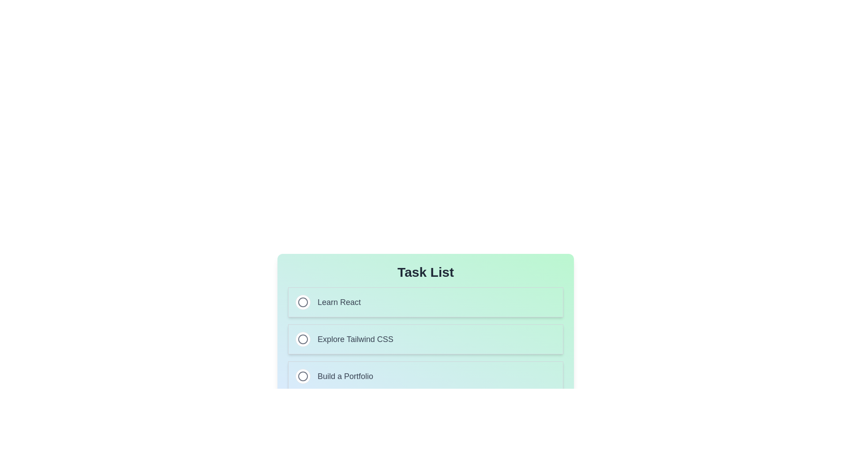  I want to click on static text label that describes the task item named 'Build a Portfolio', which is the third item in the vertical task list interface, so click(345, 376).